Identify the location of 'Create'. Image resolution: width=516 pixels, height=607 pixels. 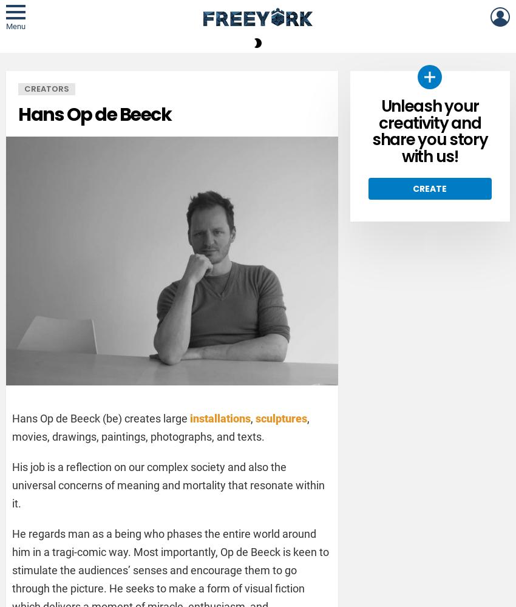
(429, 188).